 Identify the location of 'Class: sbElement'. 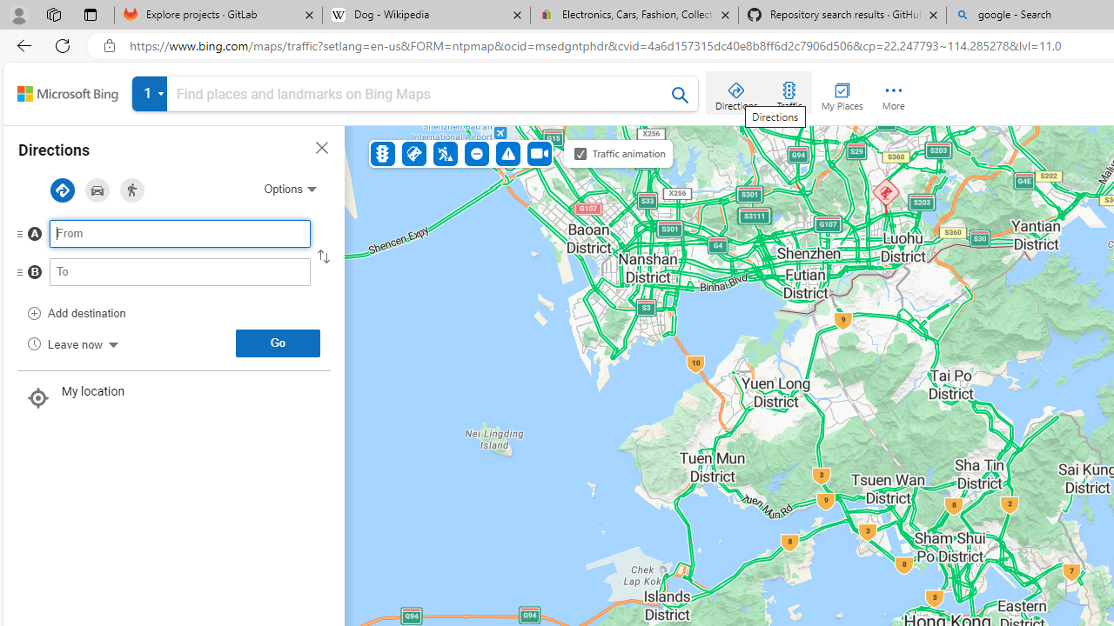
(68, 94).